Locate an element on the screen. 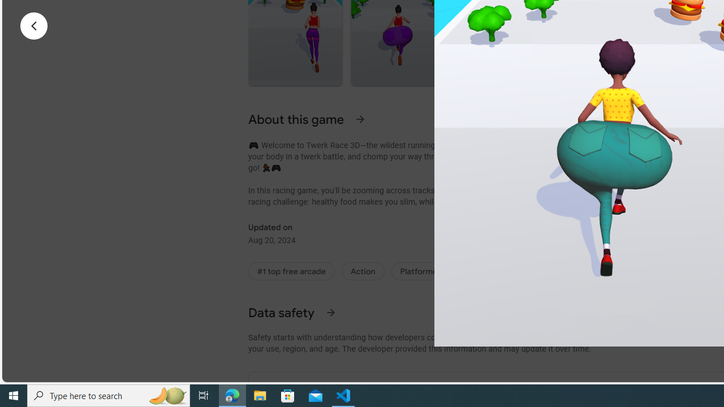  '#1 top free arcade' is located at coordinates (291, 271).